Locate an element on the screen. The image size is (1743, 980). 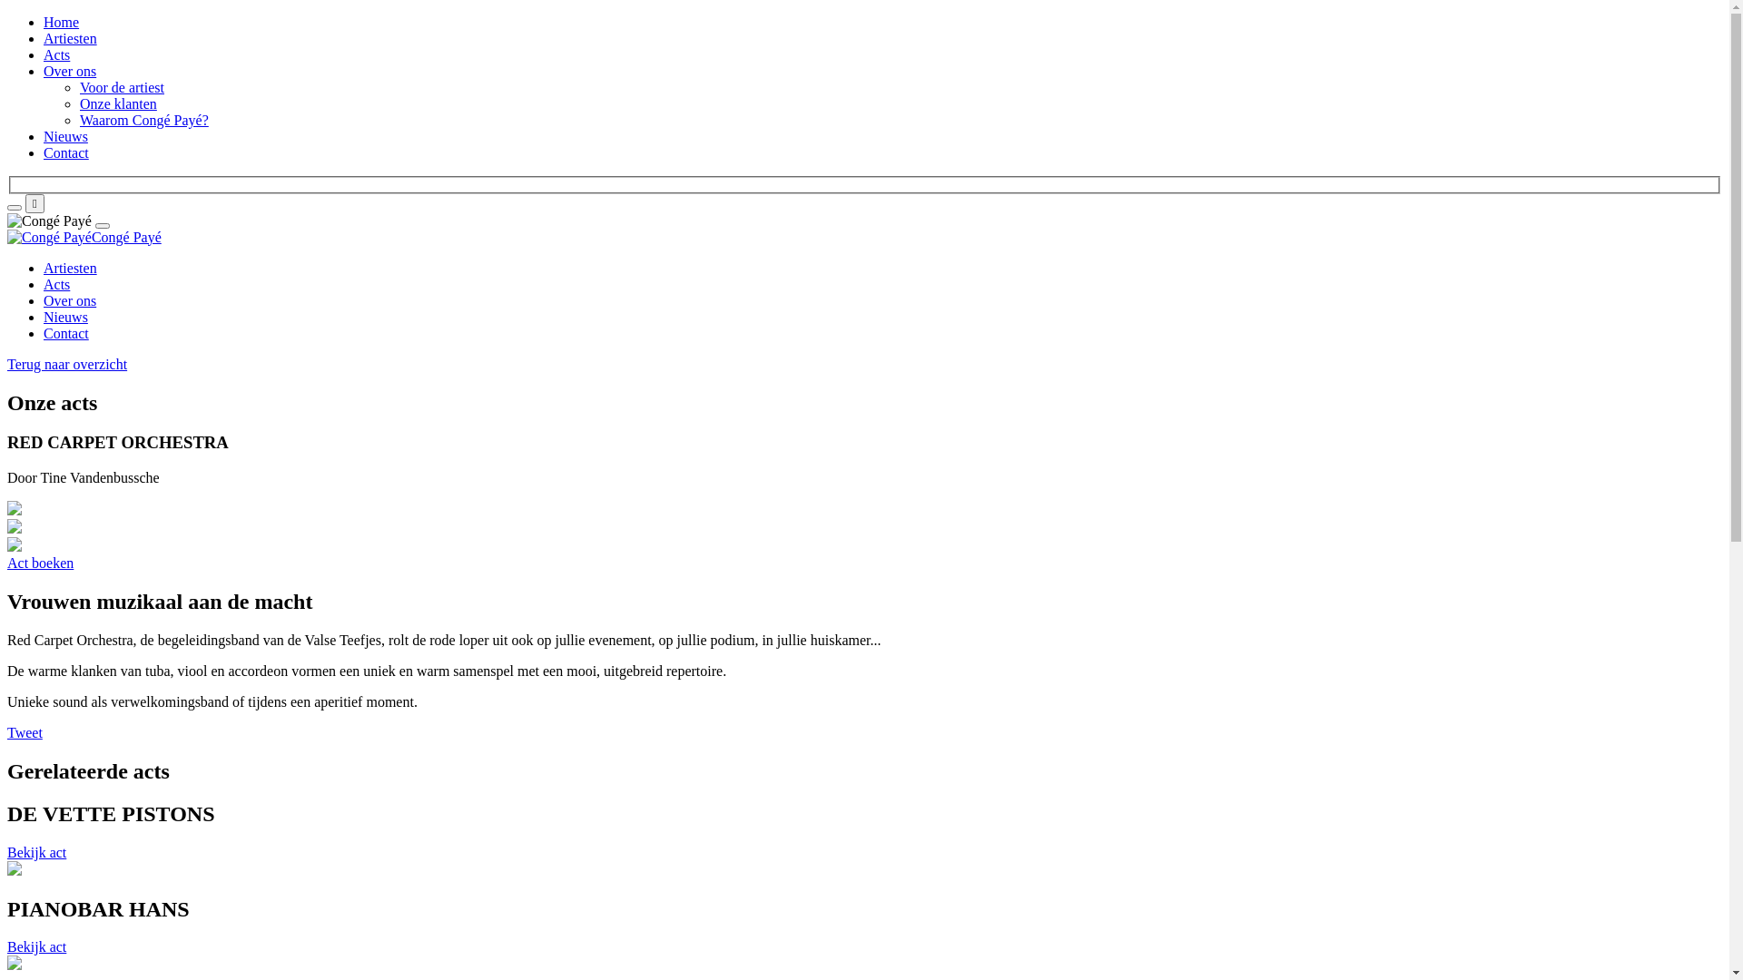
'Over ons' is located at coordinates (69, 299).